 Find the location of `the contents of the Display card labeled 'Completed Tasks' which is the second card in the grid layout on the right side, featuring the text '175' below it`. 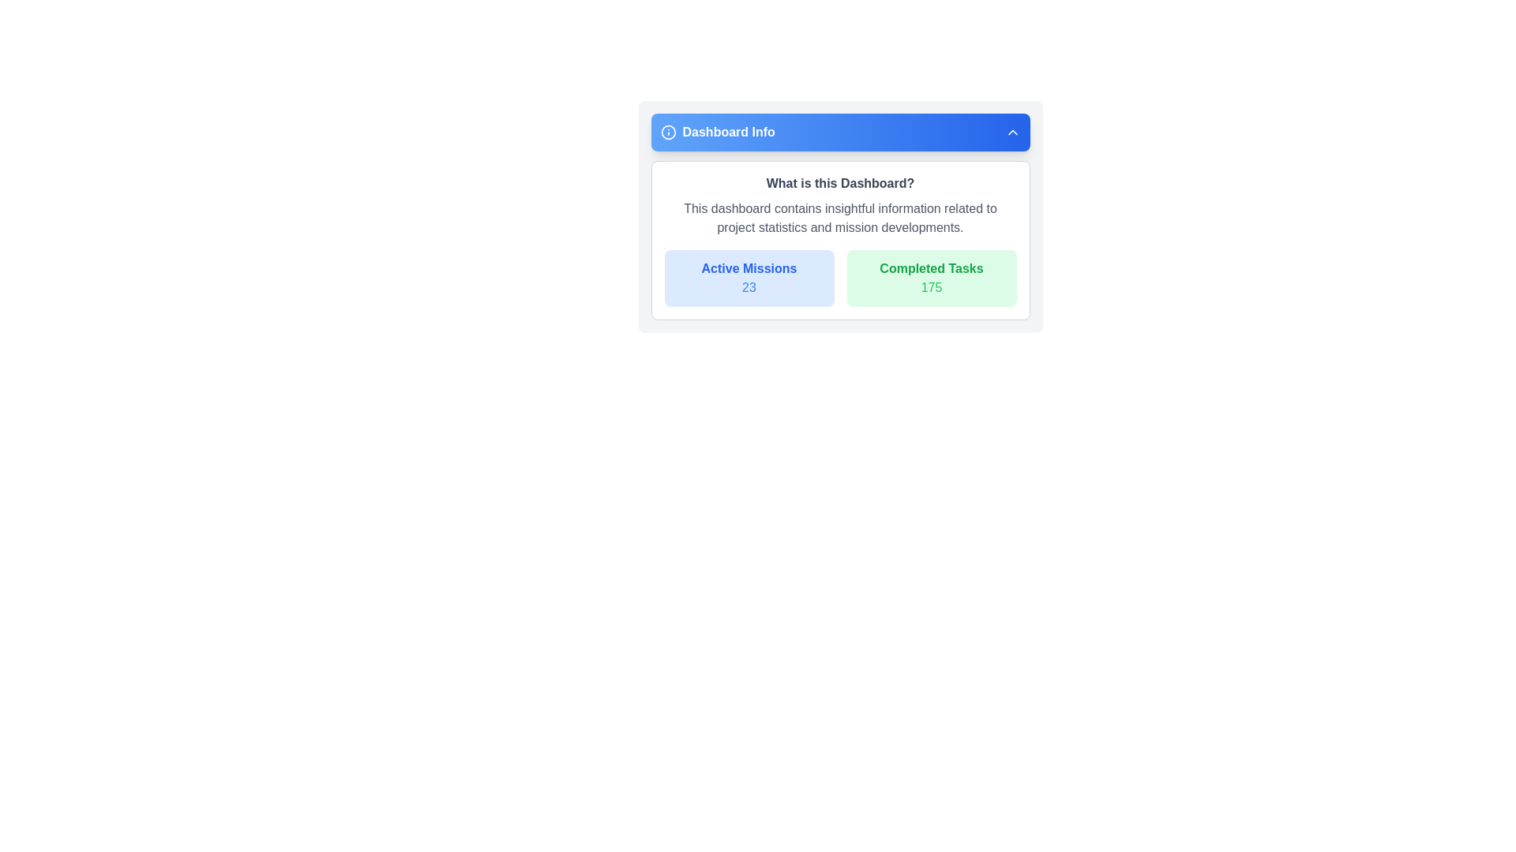

the contents of the Display card labeled 'Completed Tasks' which is the second card in the grid layout on the right side, featuring the text '175' below it is located at coordinates (932, 278).